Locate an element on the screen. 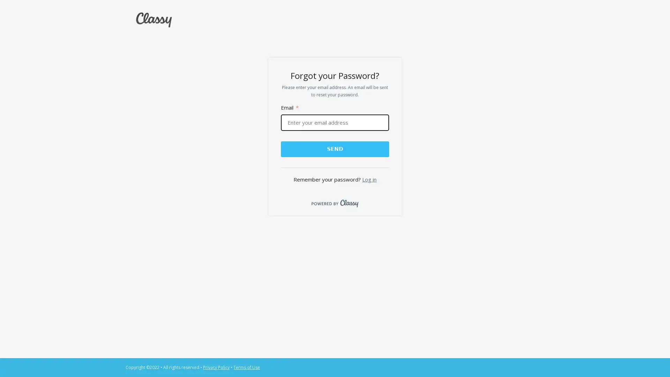 This screenshot has height=377, width=670. SEND is located at coordinates (334, 148).